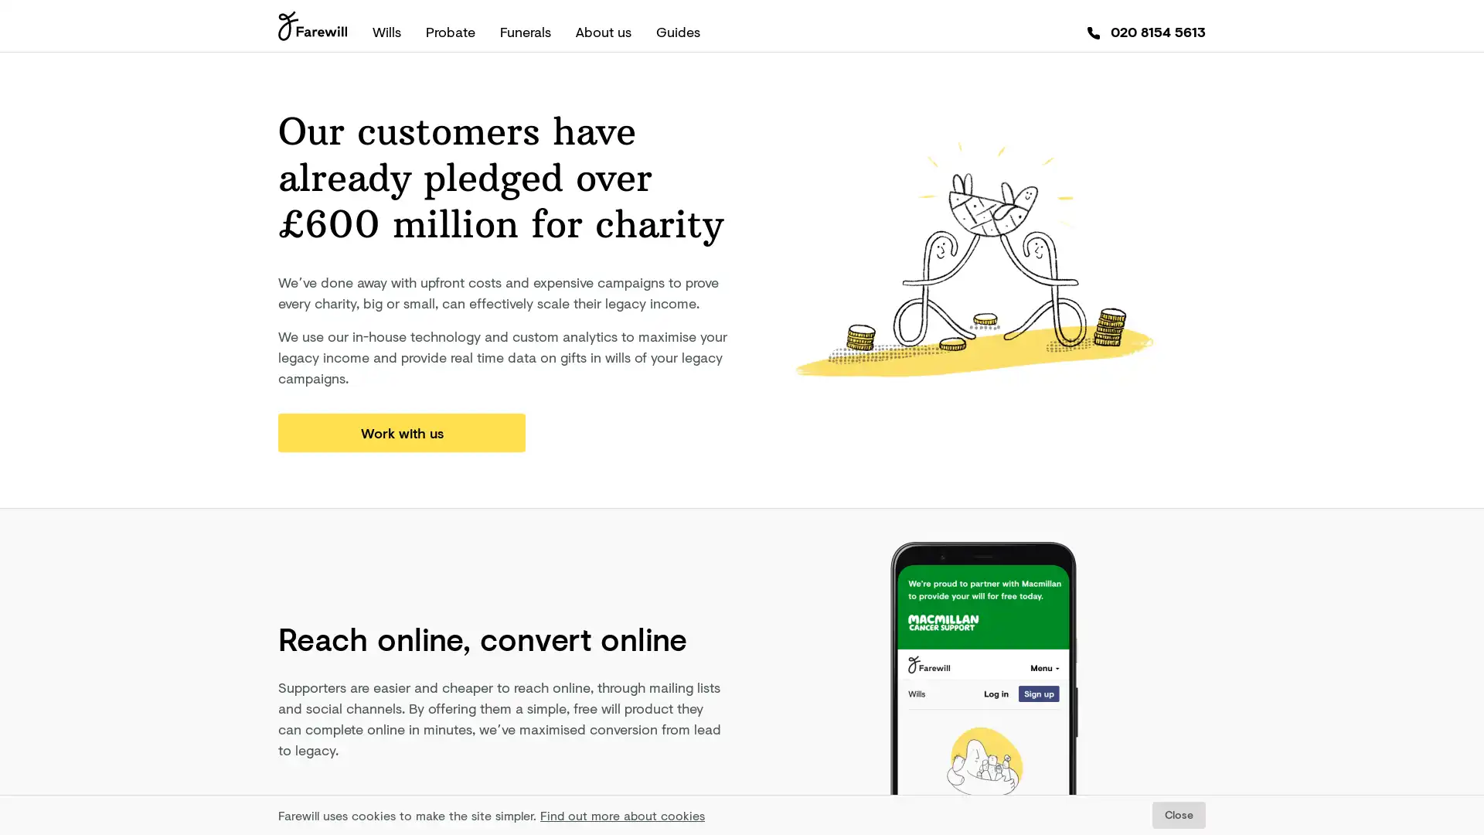 This screenshot has width=1484, height=835. What do you see at coordinates (1178, 814) in the screenshot?
I see `Close cookie banner` at bounding box center [1178, 814].